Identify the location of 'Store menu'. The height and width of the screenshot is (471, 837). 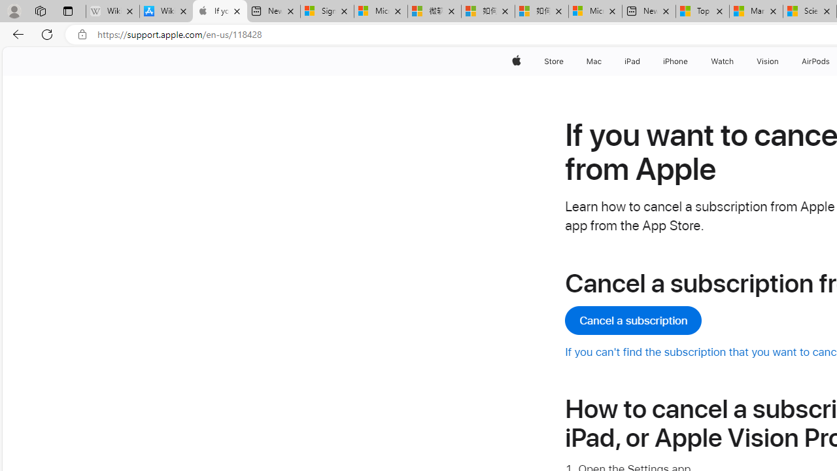
(566, 61).